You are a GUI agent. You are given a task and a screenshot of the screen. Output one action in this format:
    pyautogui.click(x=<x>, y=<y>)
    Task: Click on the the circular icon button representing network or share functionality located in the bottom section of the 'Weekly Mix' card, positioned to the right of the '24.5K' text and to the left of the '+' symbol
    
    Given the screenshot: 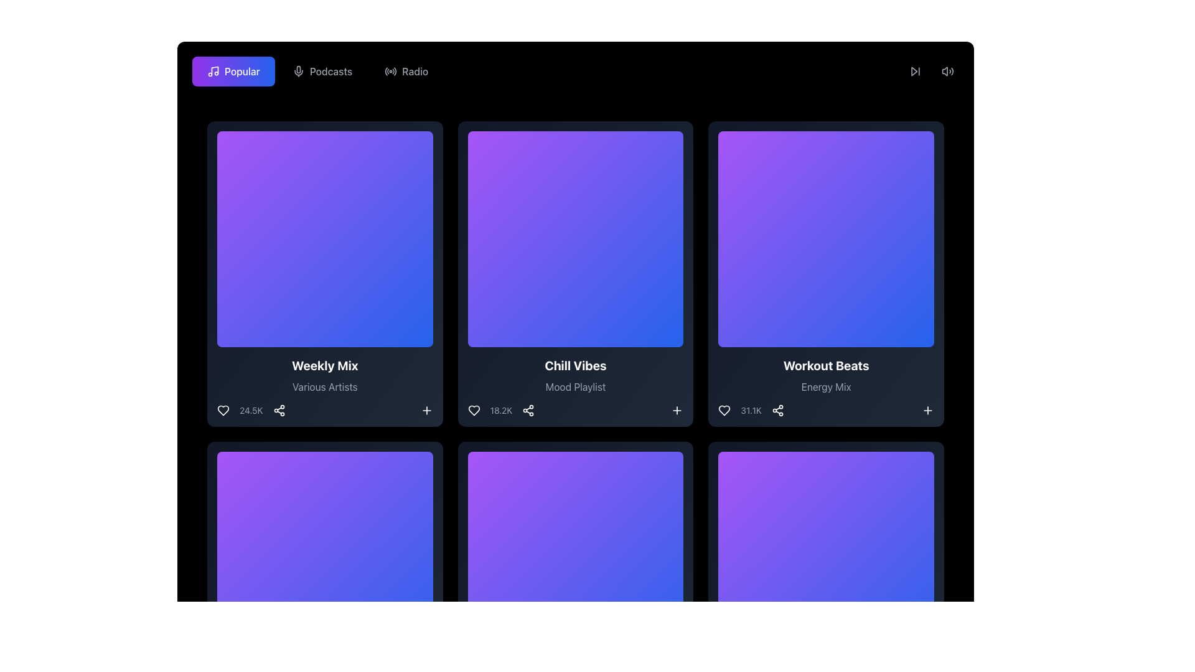 What is the action you would take?
    pyautogui.click(x=278, y=410)
    